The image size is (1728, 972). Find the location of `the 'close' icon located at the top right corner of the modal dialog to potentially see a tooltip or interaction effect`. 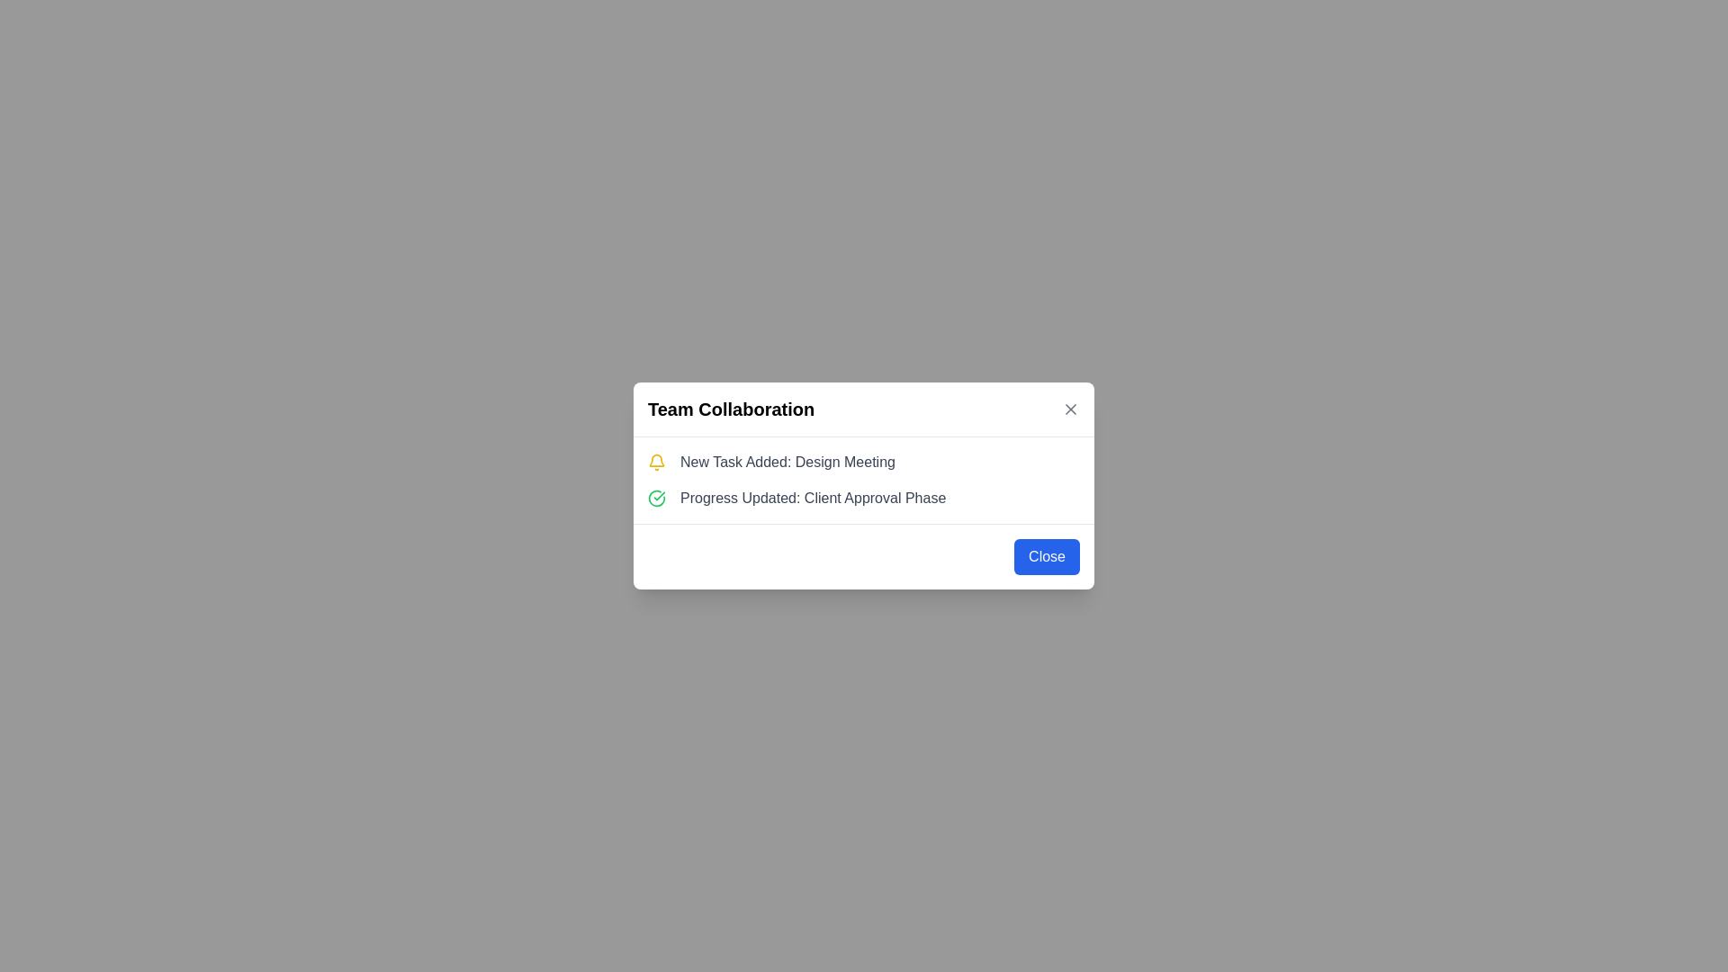

the 'close' icon located at the top right corner of the modal dialog to potentially see a tooltip or interaction effect is located at coordinates (1071, 409).